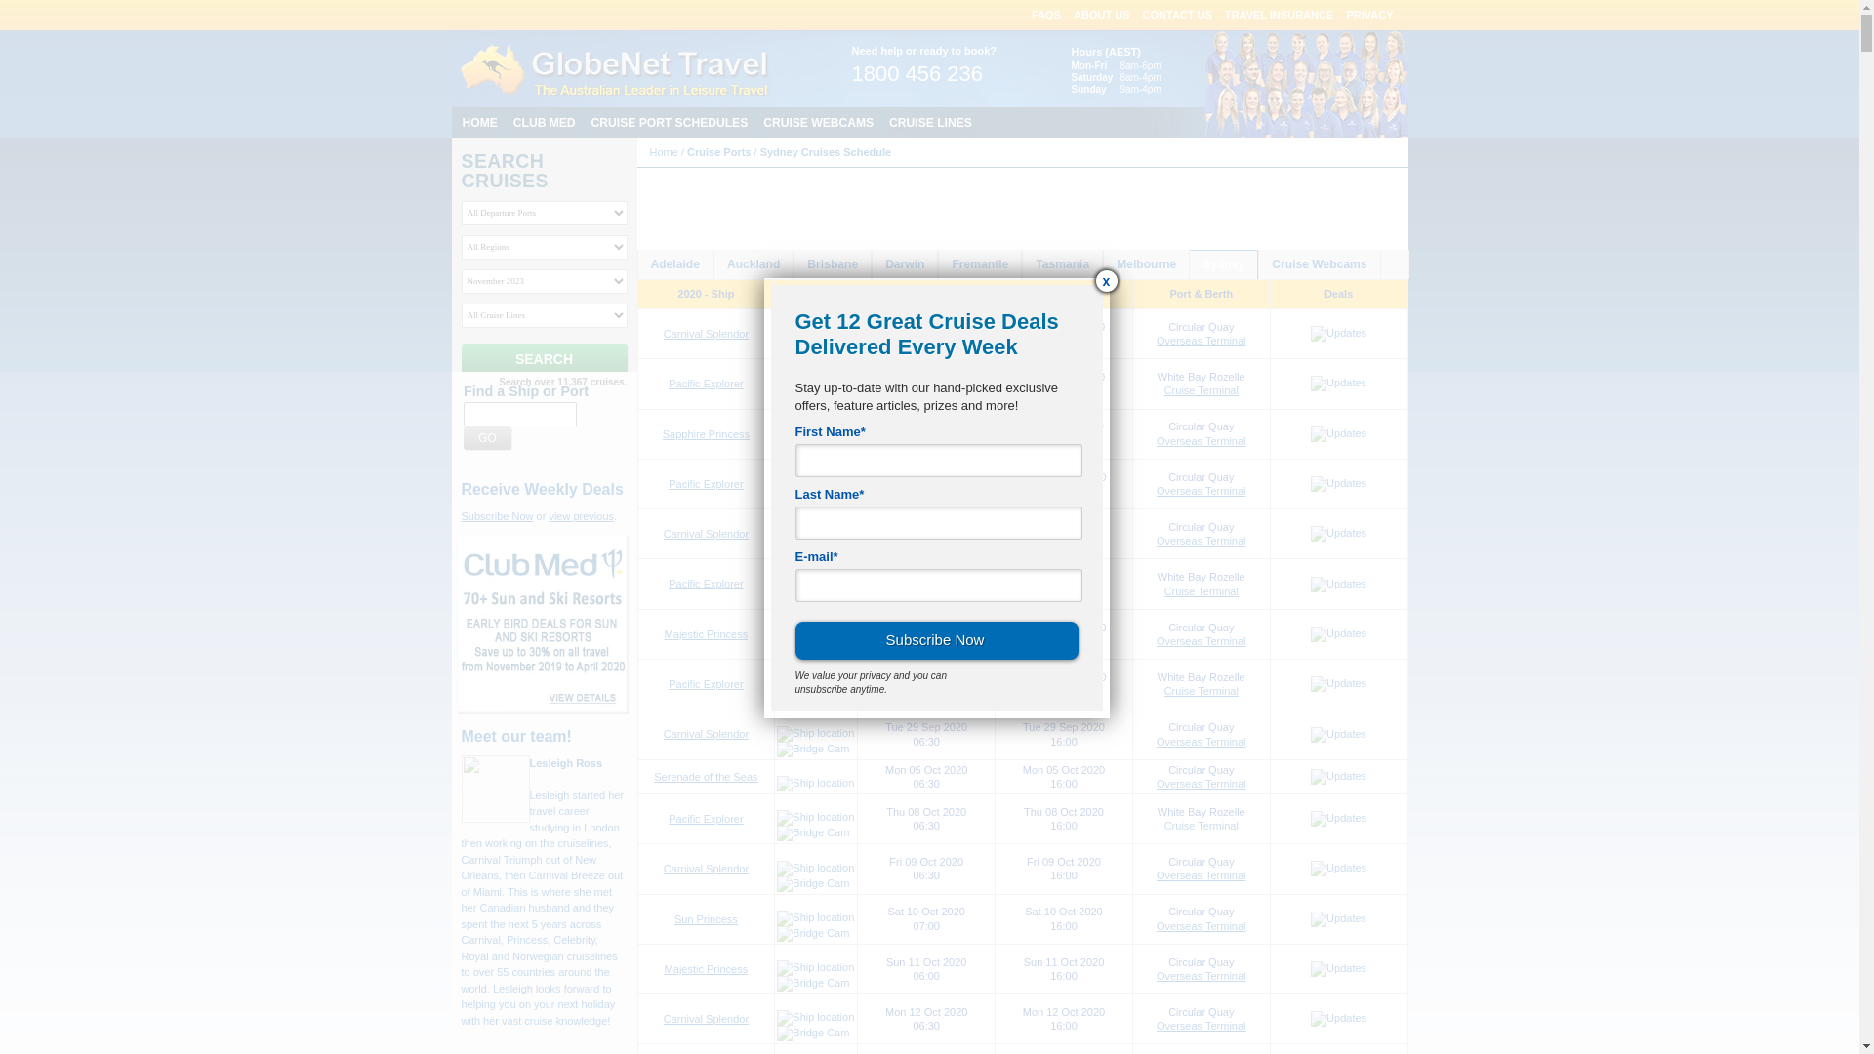 The image size is (1874, 1054). What do you see at coordinates (665, 968) in the screenshot?
I see `'Majestic Princess'` at bounding box center [665, 968].